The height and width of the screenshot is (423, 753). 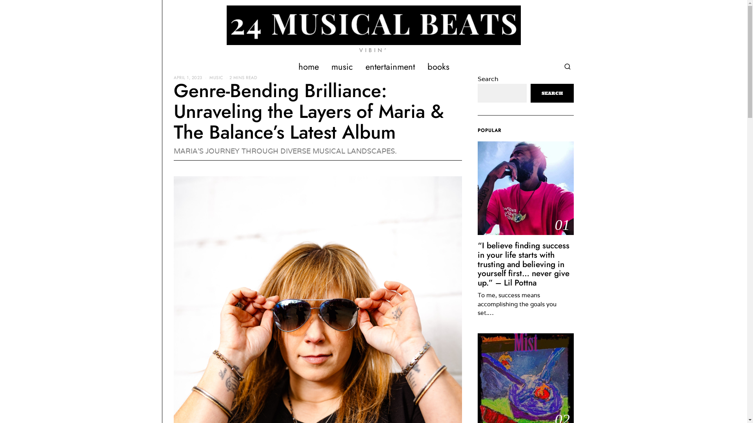 I want to click on 'books', so click(x=438, y=66).